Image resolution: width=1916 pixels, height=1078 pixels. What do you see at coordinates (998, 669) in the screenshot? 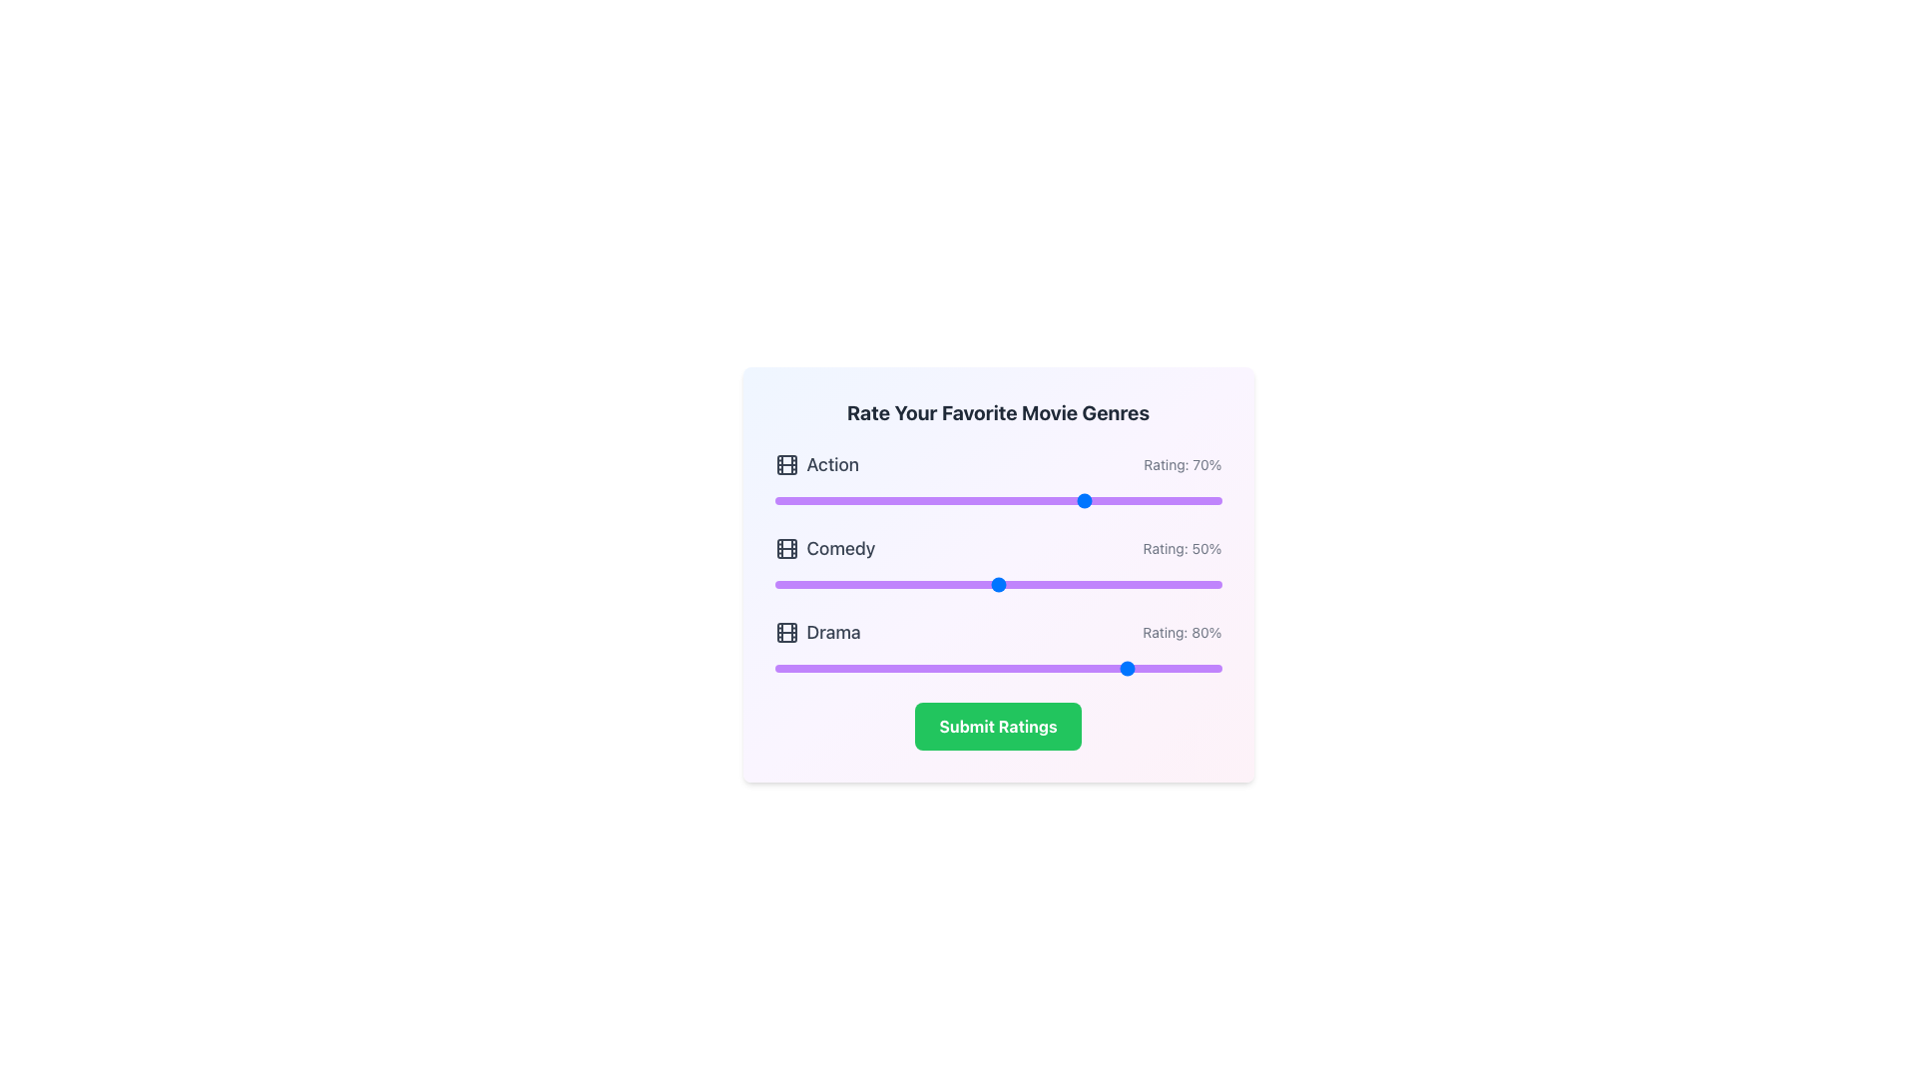
I see `the range slider located below the 'Drama' label and the 'Rating: 80%' text for interaction` at bounding box center [998, 669].